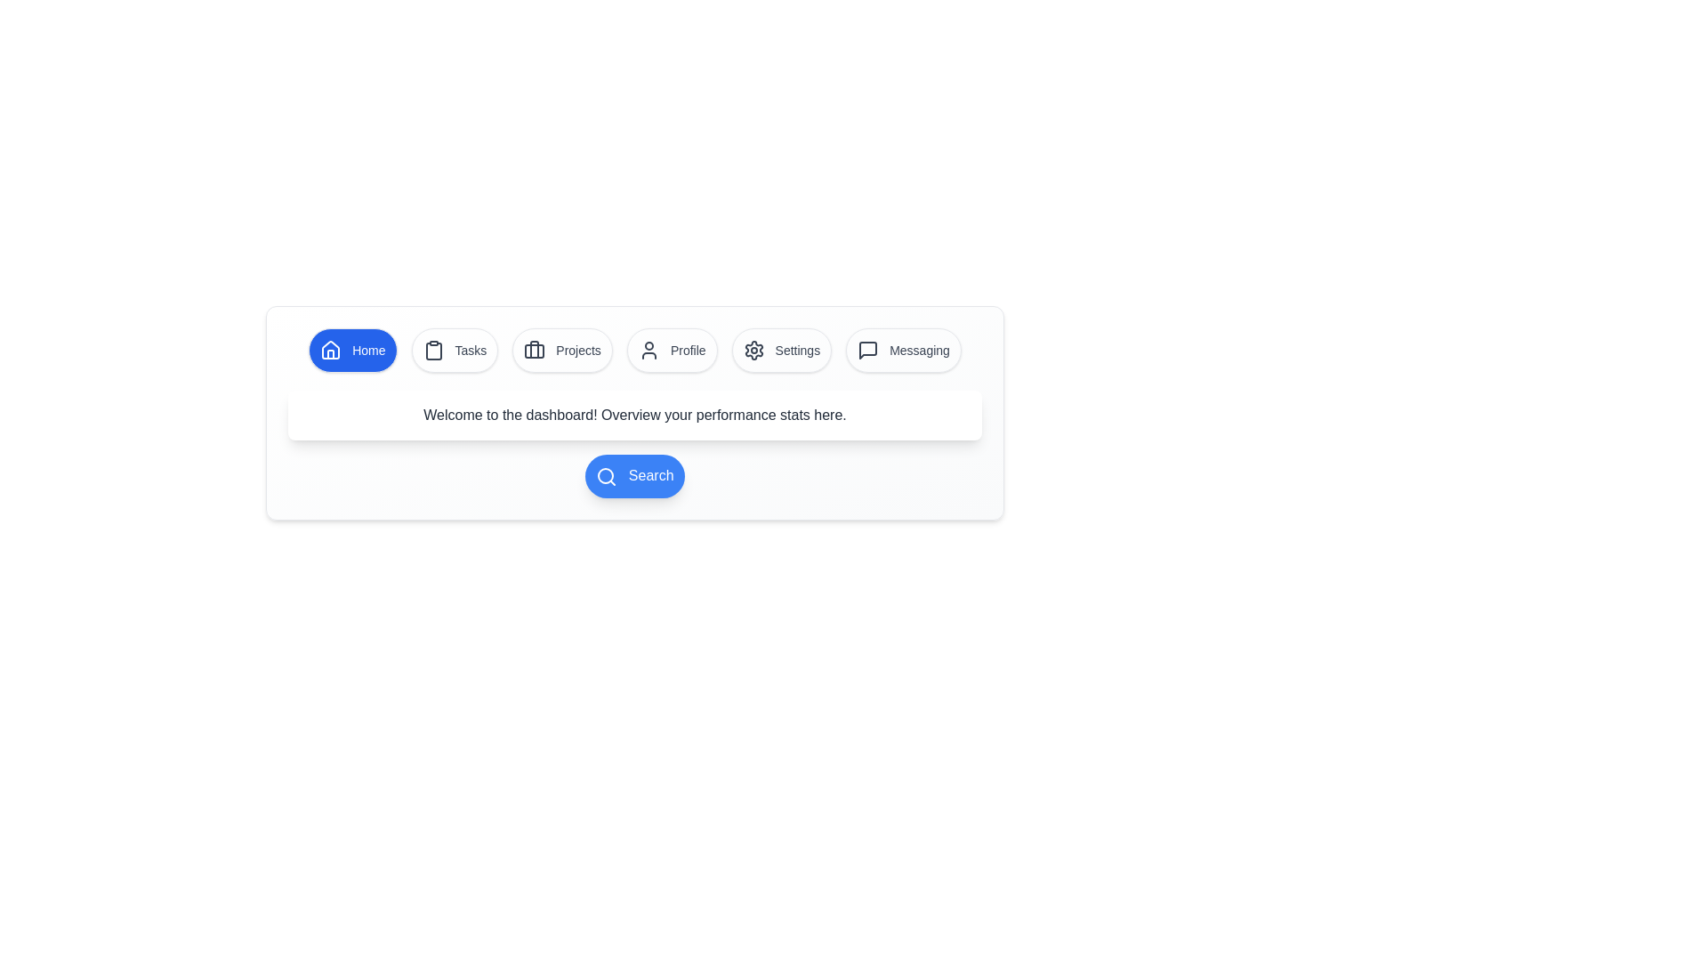 The image size is (1708, 961). What do you see at coordinates (331, 350) in the screenshot?
I see `the house-shaped icon located inside the 'Home' button on the far left of the navigation bar` at bounding box center [331, 350].